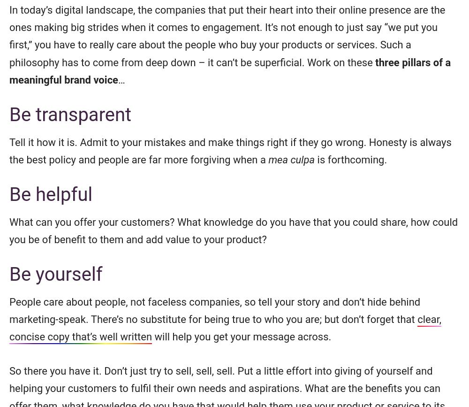  I want to click on 'will help you get your message across.', so click(151, 336).